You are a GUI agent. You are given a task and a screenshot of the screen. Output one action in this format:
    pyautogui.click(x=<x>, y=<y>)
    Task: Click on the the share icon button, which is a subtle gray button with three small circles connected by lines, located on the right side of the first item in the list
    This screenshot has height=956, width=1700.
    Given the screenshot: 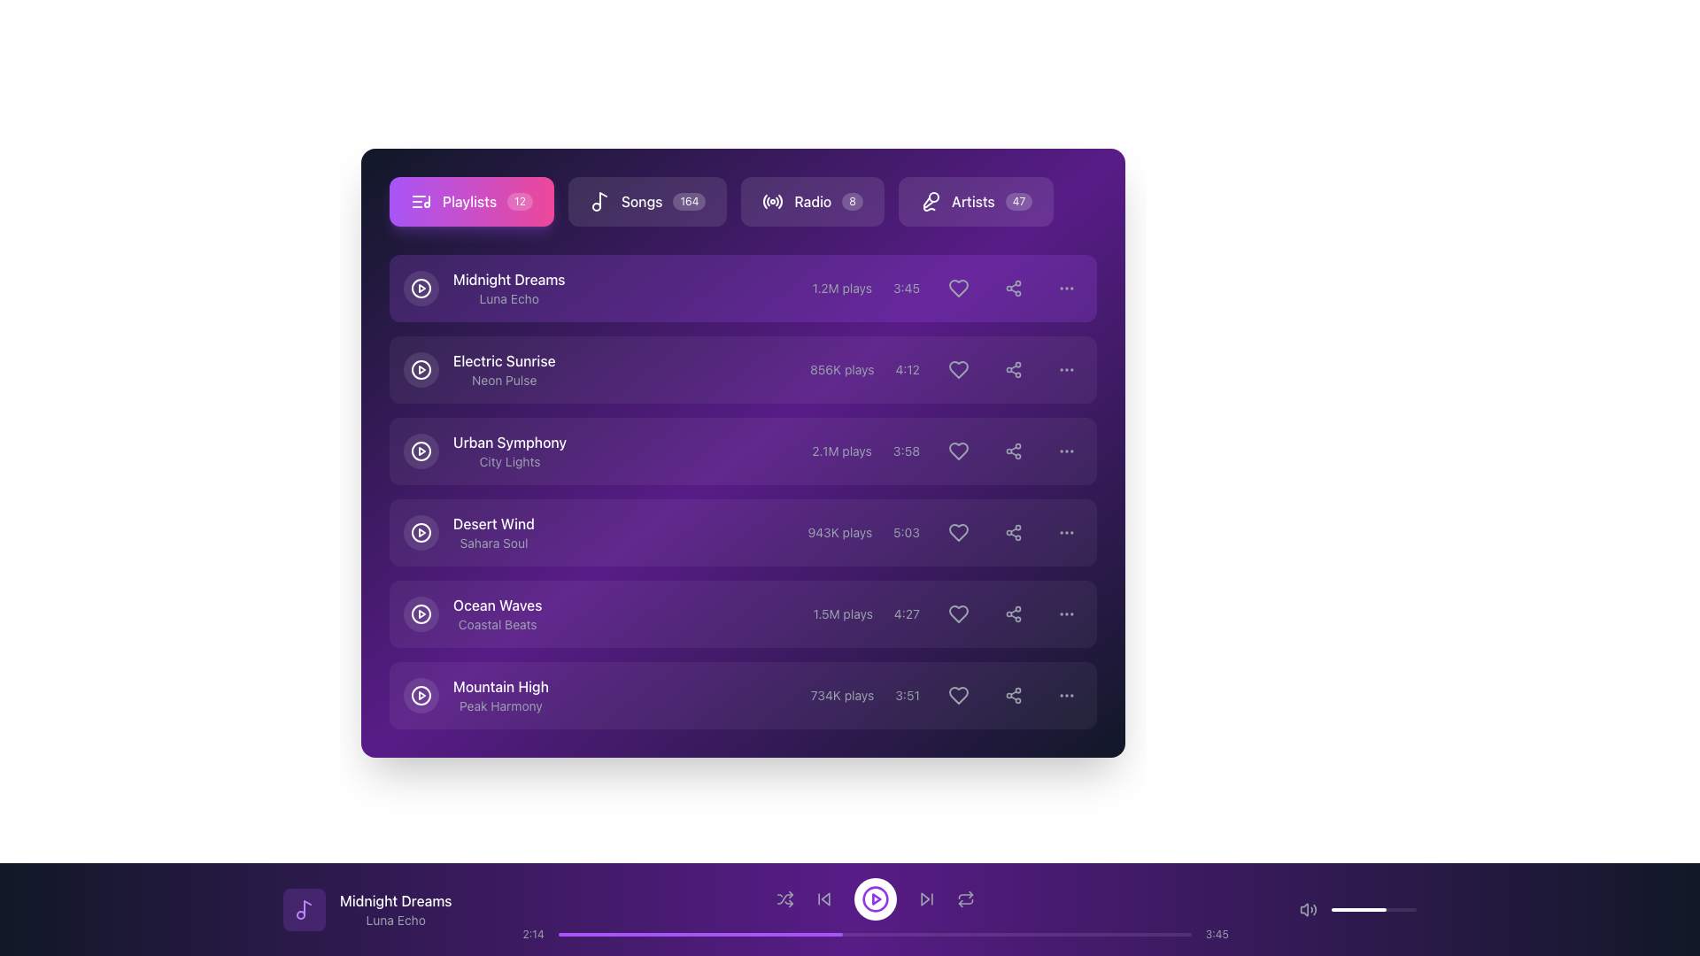 What is the action you would take?
    pyautogui.click(x=1014, y=288)
    